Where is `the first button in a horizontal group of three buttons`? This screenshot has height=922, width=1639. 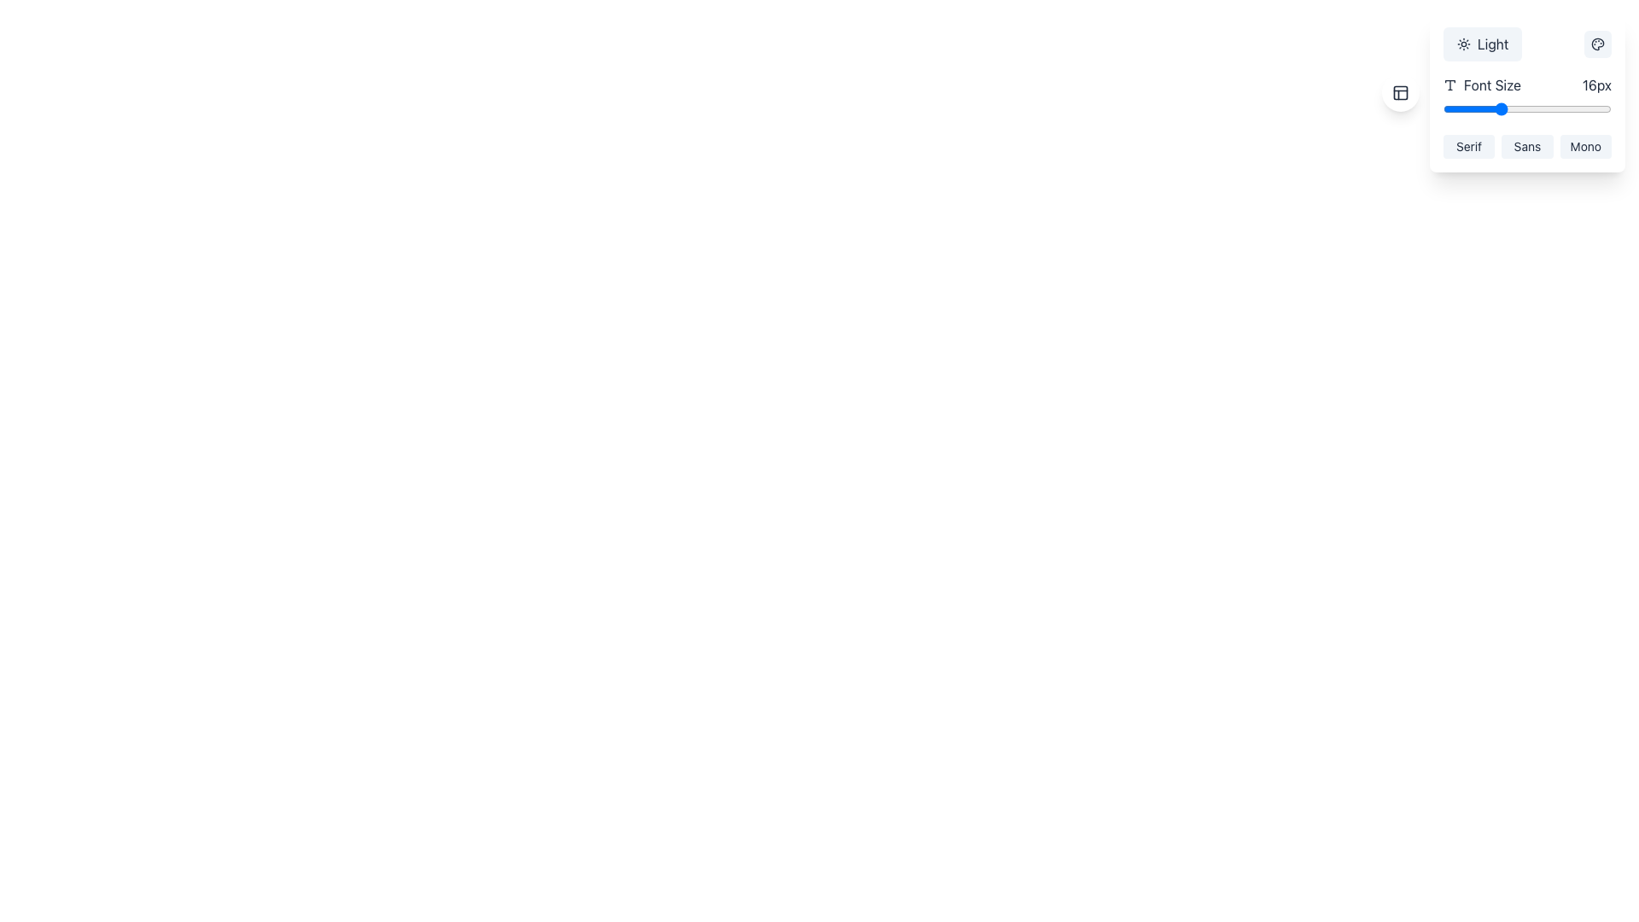
the first button in a horizontal group of three buttons is located at coordinates (1468, 146).